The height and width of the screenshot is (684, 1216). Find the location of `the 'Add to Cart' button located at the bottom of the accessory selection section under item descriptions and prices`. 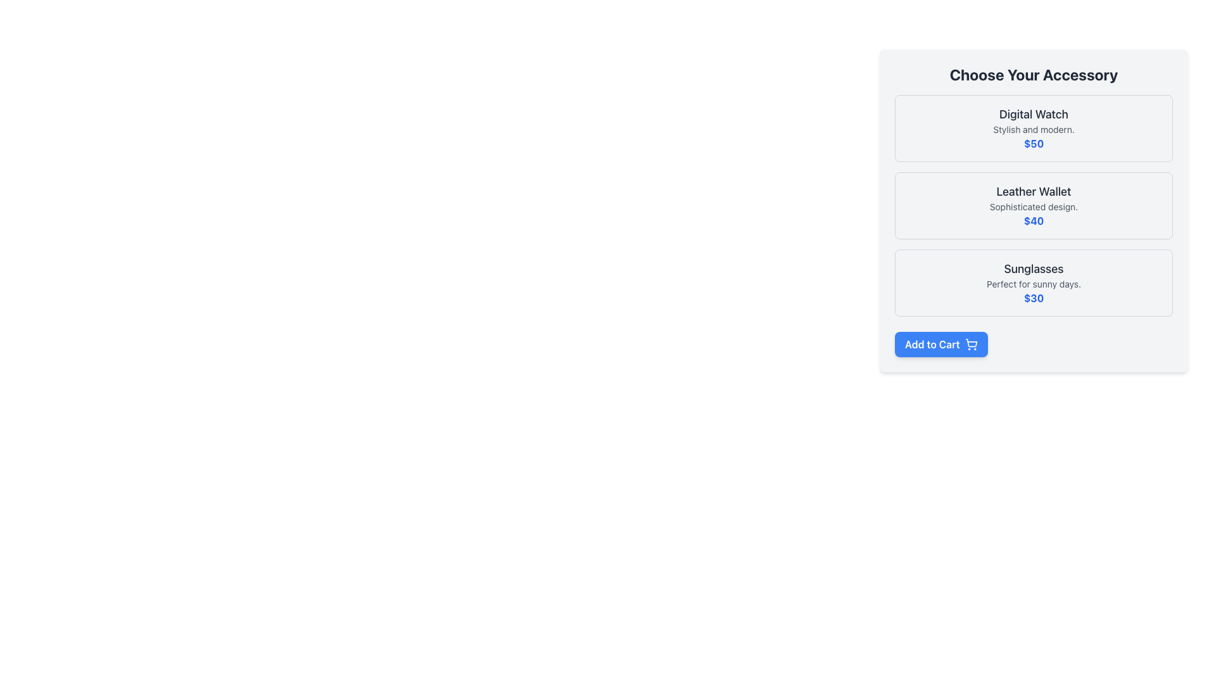

the 'Add to Cart' button located at the bottom of the accessory selection section under item descriptions and prices is located at coordinates (941, 344).